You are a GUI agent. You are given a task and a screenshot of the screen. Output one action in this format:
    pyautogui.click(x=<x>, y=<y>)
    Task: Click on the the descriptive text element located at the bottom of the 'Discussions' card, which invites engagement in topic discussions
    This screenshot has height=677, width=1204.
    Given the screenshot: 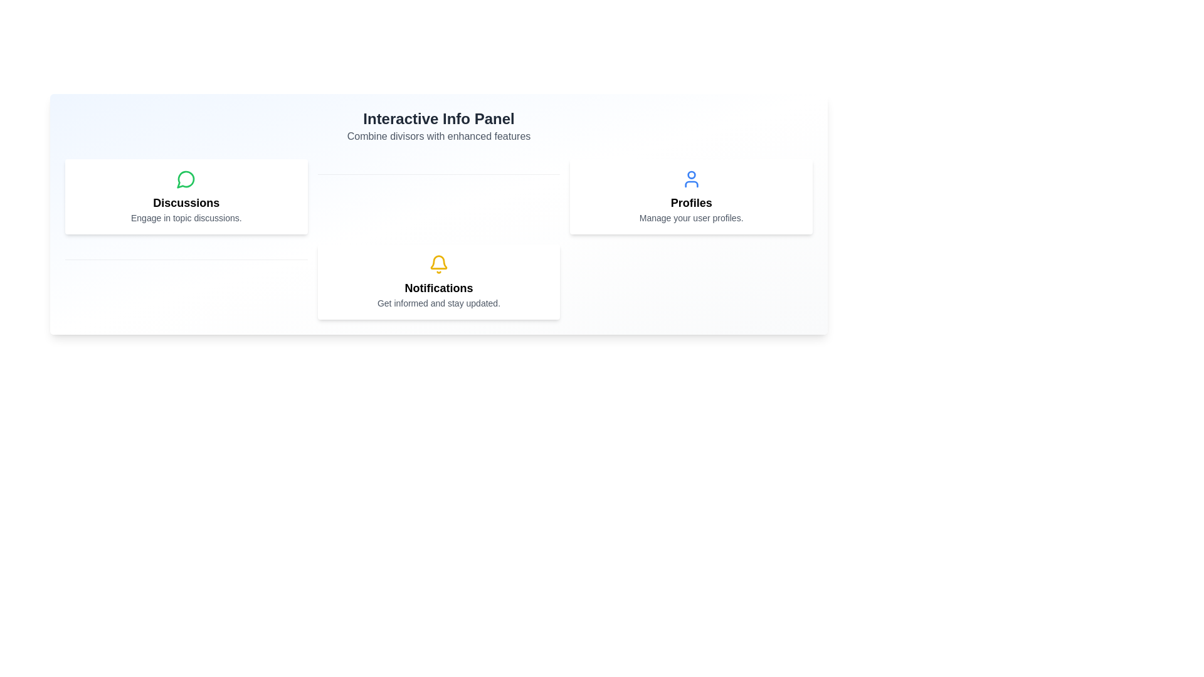 What is the action you would take?
    pyautogui.click(x=186, y=217)
    